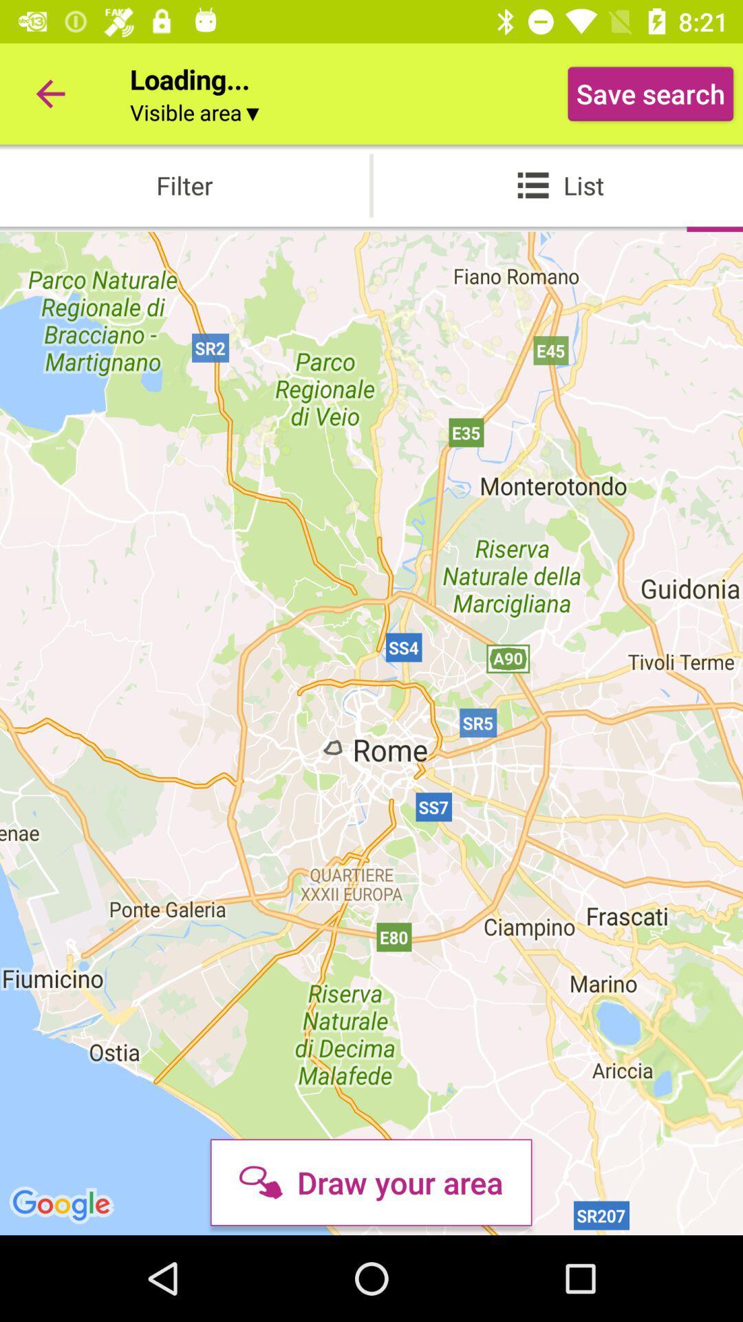 This screenshot has height=1322, width=743. I want to click on the icon to the left of loading... icon, so click(50, 93).